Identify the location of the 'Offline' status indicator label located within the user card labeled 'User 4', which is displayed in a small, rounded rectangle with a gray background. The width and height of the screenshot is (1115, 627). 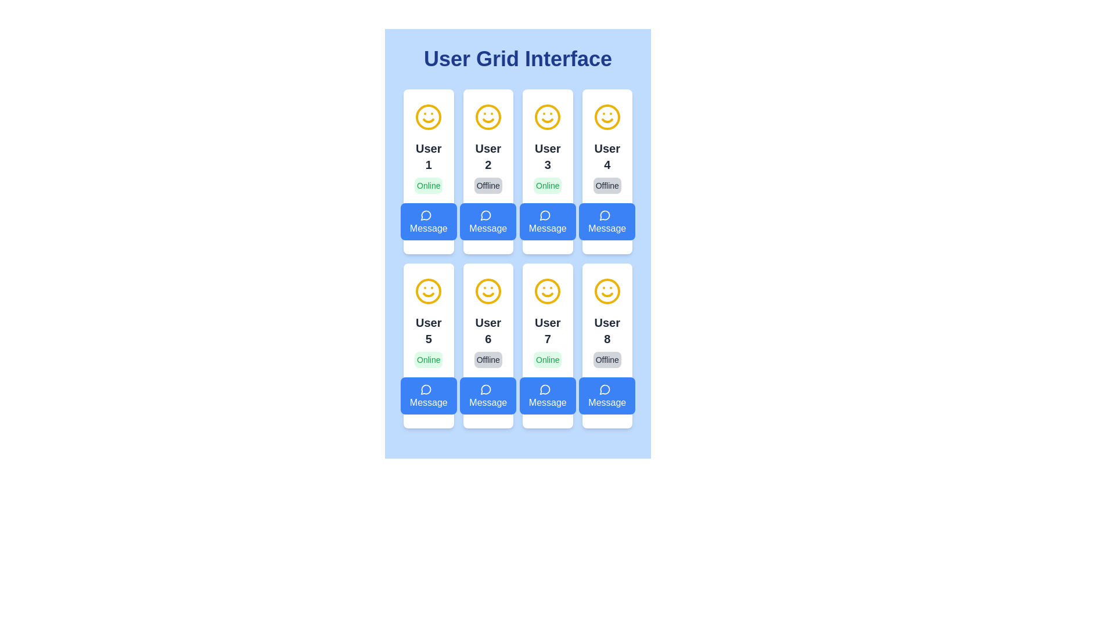
(606, 185).